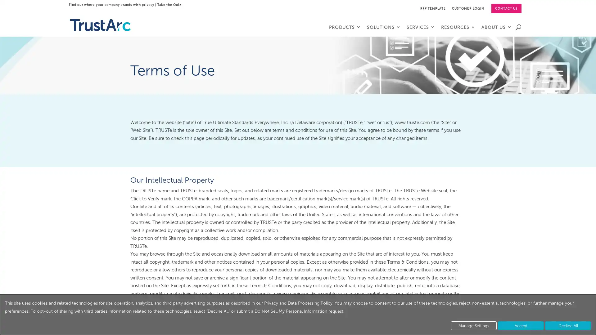  Describe the element at coordinates (568, 325) in the screenshot. I see `Decline All` at that location.